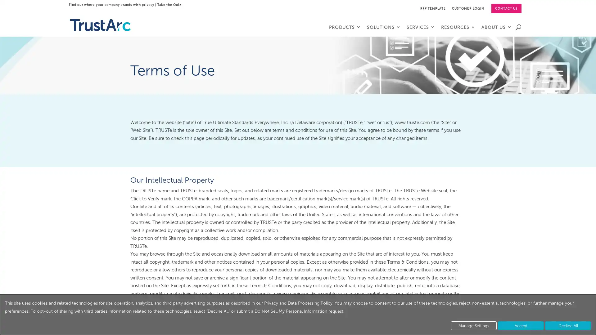  Describe the element at coordinates (568, 325) in the screenshot. I see `Decline All` at that location.